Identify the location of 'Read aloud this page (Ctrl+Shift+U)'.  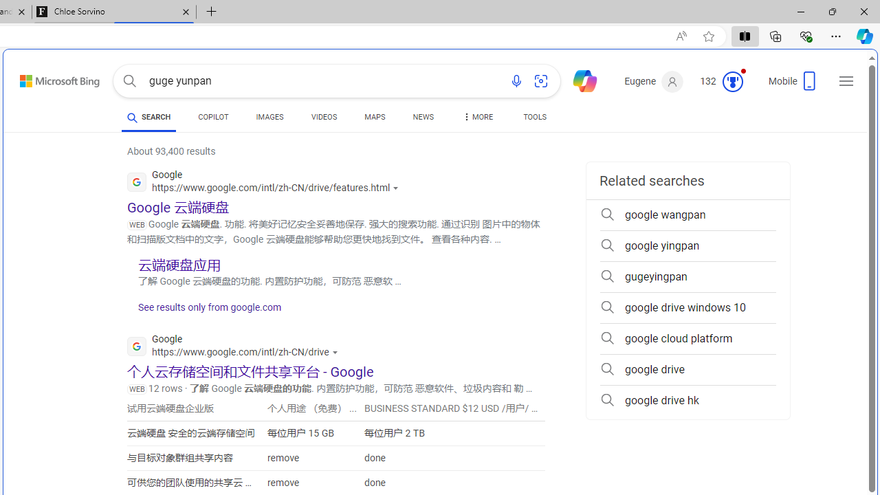
(681, 36).